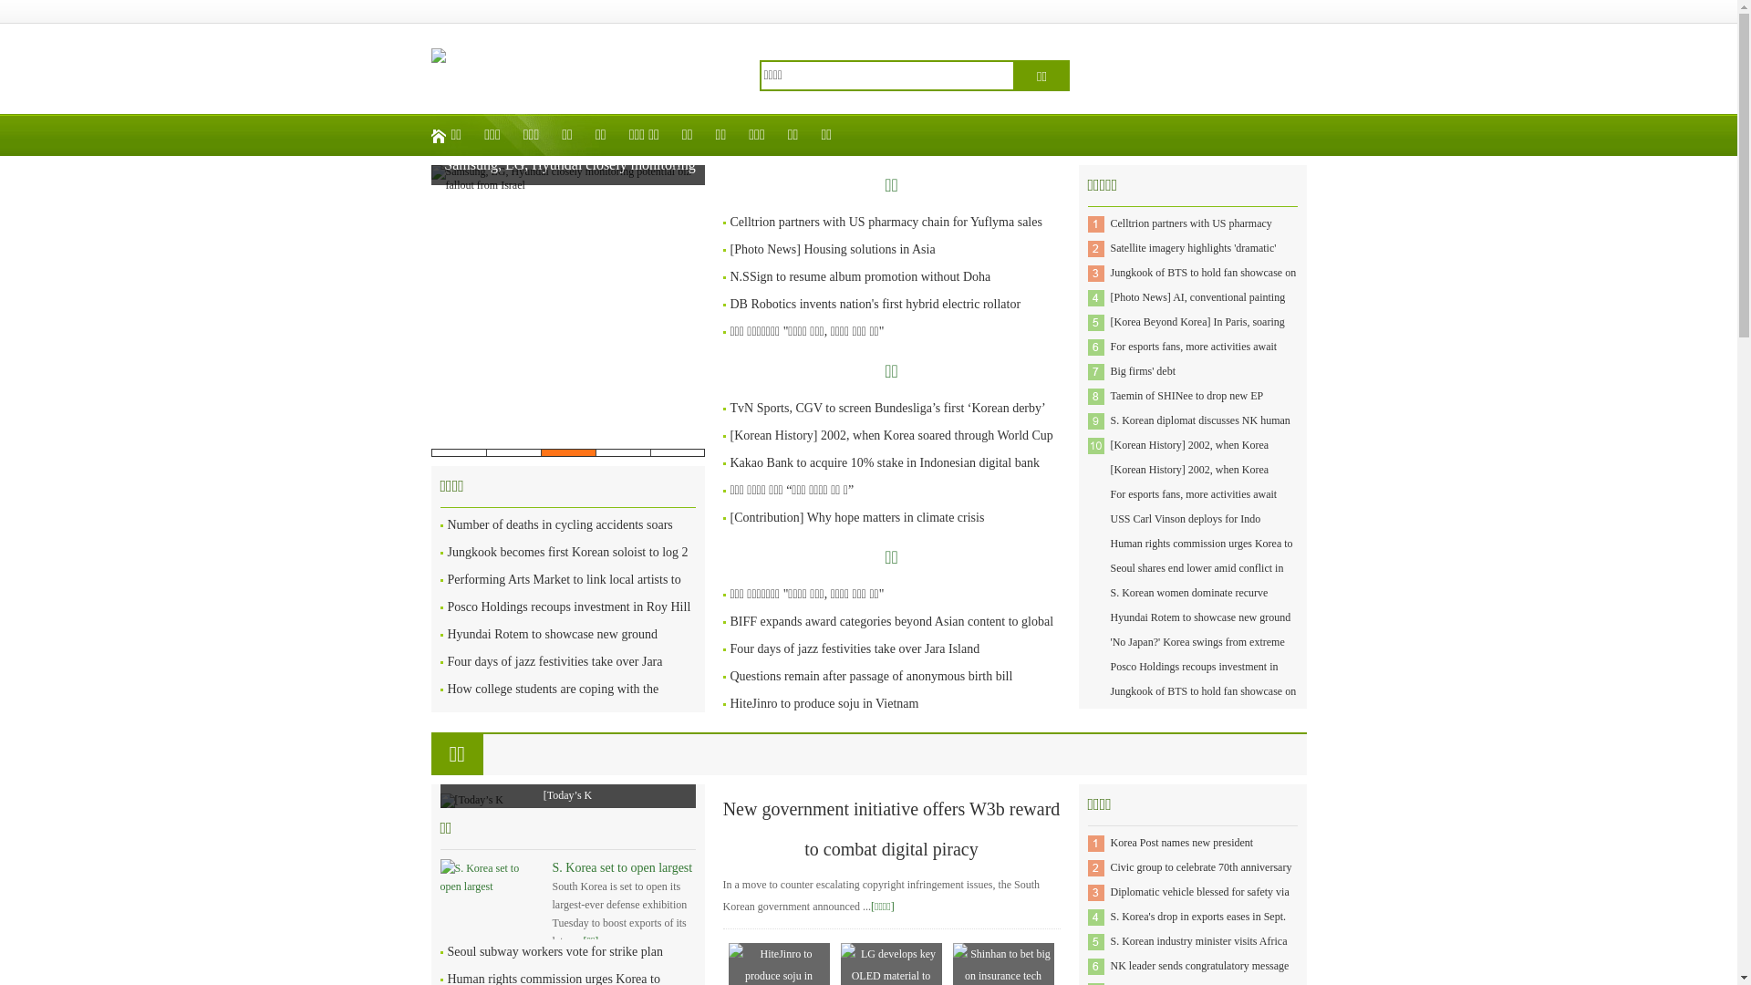 The image size is (1751, 985). I want to click on 'How college students are coping with the impact of inflation', so click(551, 700).